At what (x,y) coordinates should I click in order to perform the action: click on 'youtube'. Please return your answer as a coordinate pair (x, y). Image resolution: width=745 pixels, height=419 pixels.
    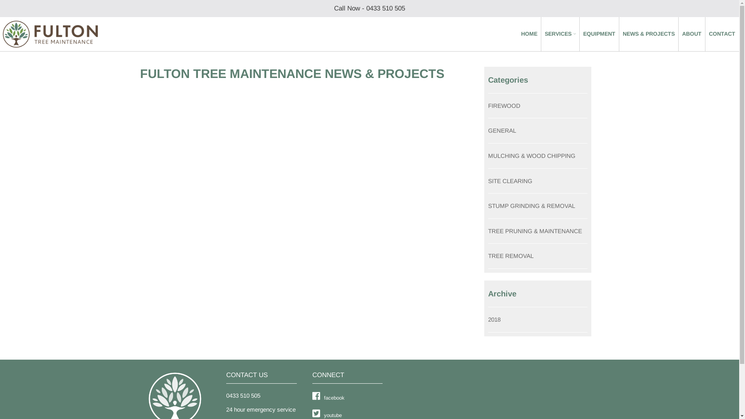
    Looking at the image, I should click on (312, 414).